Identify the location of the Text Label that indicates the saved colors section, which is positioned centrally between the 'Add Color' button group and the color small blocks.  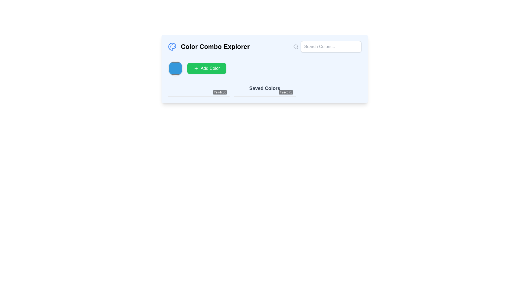
(264, 90).